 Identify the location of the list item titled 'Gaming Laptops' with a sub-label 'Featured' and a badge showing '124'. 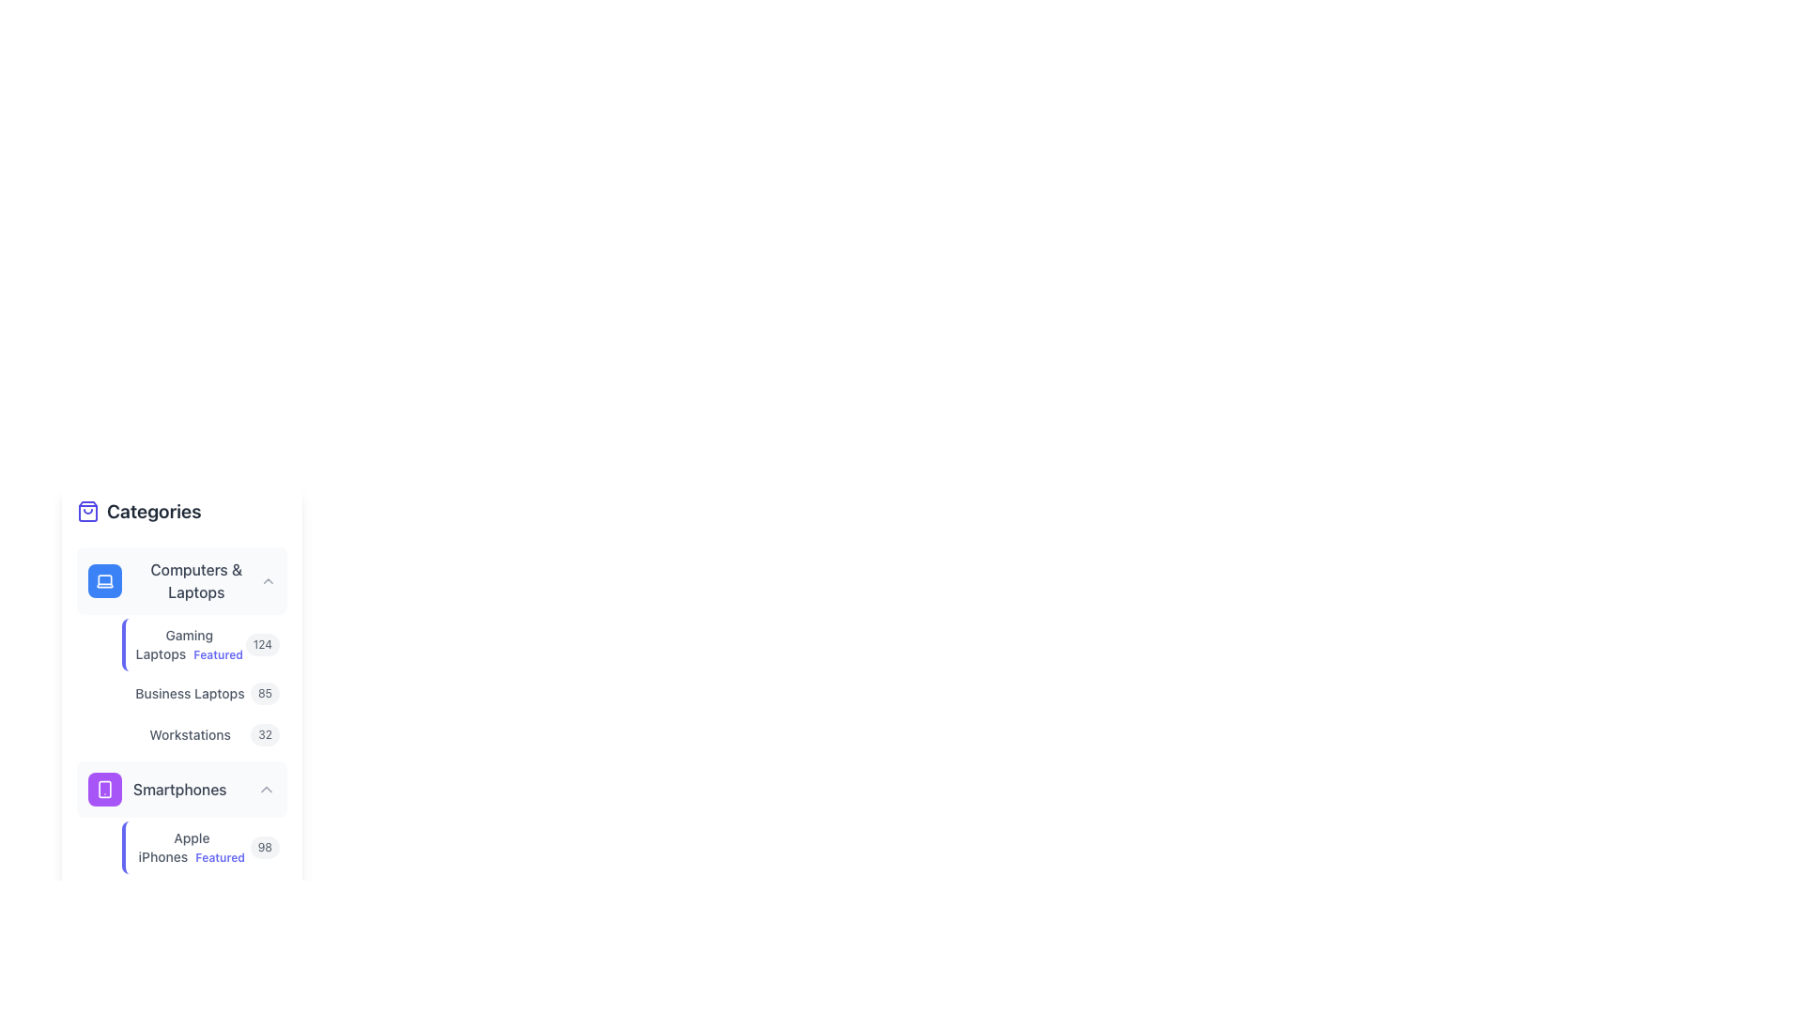
(204, 643).